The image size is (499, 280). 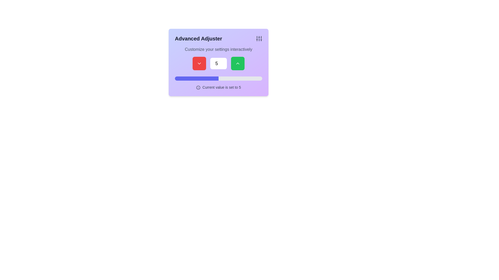 I want to click on the descriptive label element that provides guidance for the settings adjustment interface, located below the 'Advanced Adjuster' header and above the interactive buttons, so click(x=218, y=50).